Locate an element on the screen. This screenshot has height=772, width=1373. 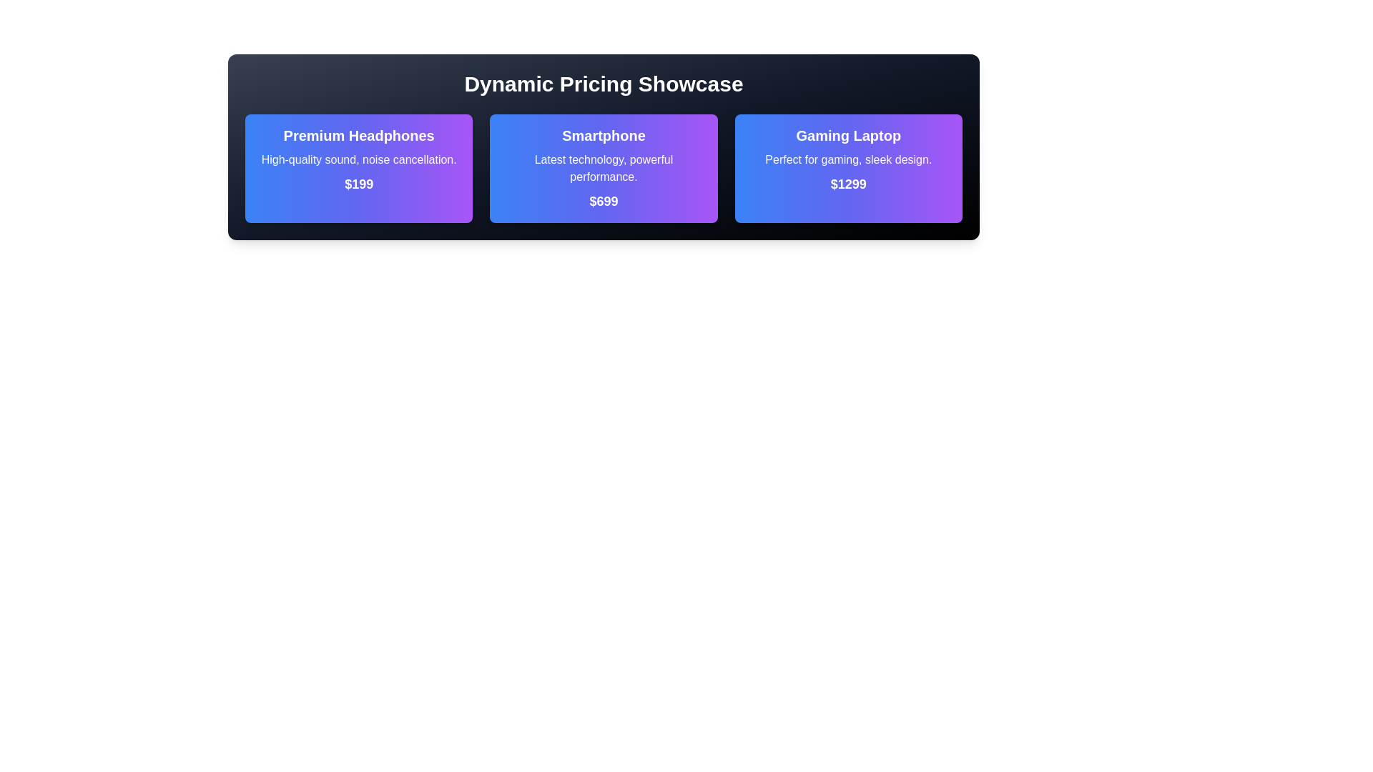
price displayed in the Text label for the 'Premium Headphones', which is located at the bottom center of the card under the subtitle 'High-quality sound, noise cancellation.' is located at coordinates (359, 184).